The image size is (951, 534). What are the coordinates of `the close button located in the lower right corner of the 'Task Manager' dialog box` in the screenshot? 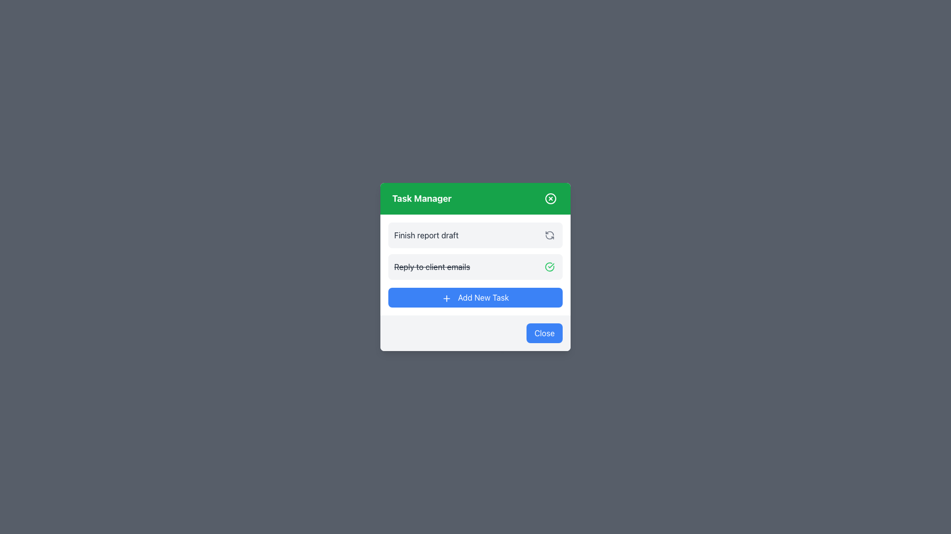 It's located at (544, 333).